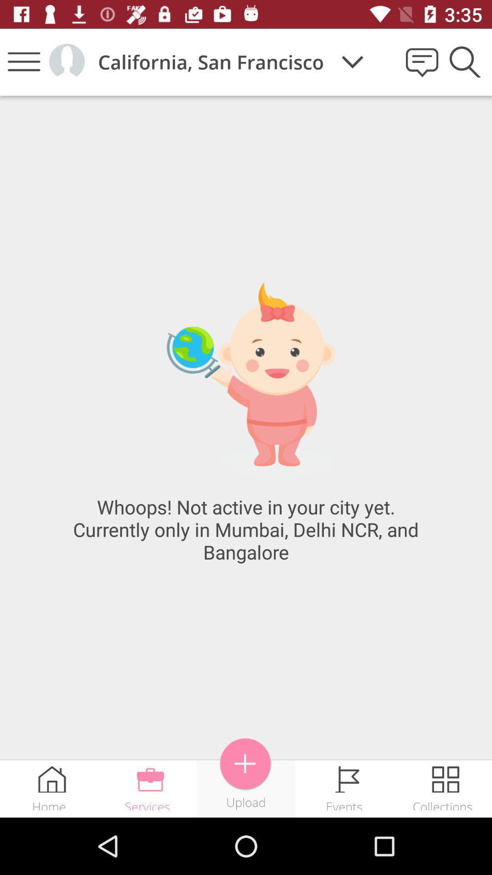 This screenshot has height=875, width=492. I want to click on upload, so click(245, 764).